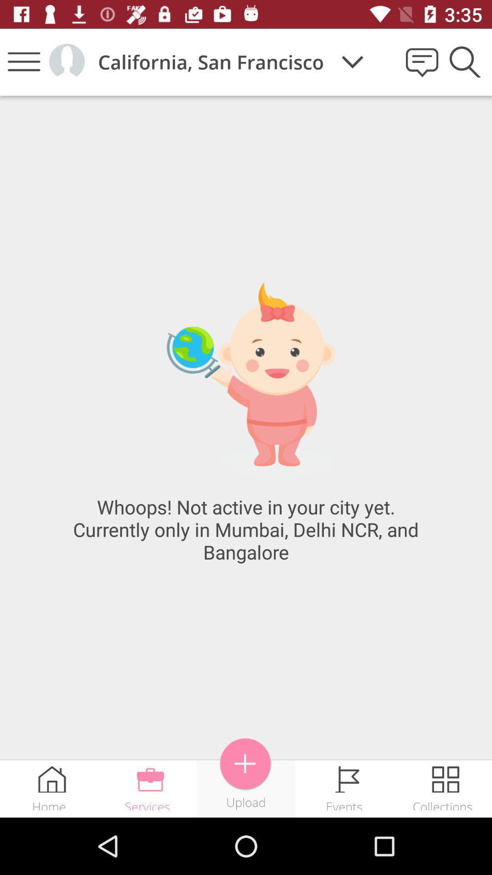 This screenshot has height=875, width=492. I want to click on upload, so click(245, 764).